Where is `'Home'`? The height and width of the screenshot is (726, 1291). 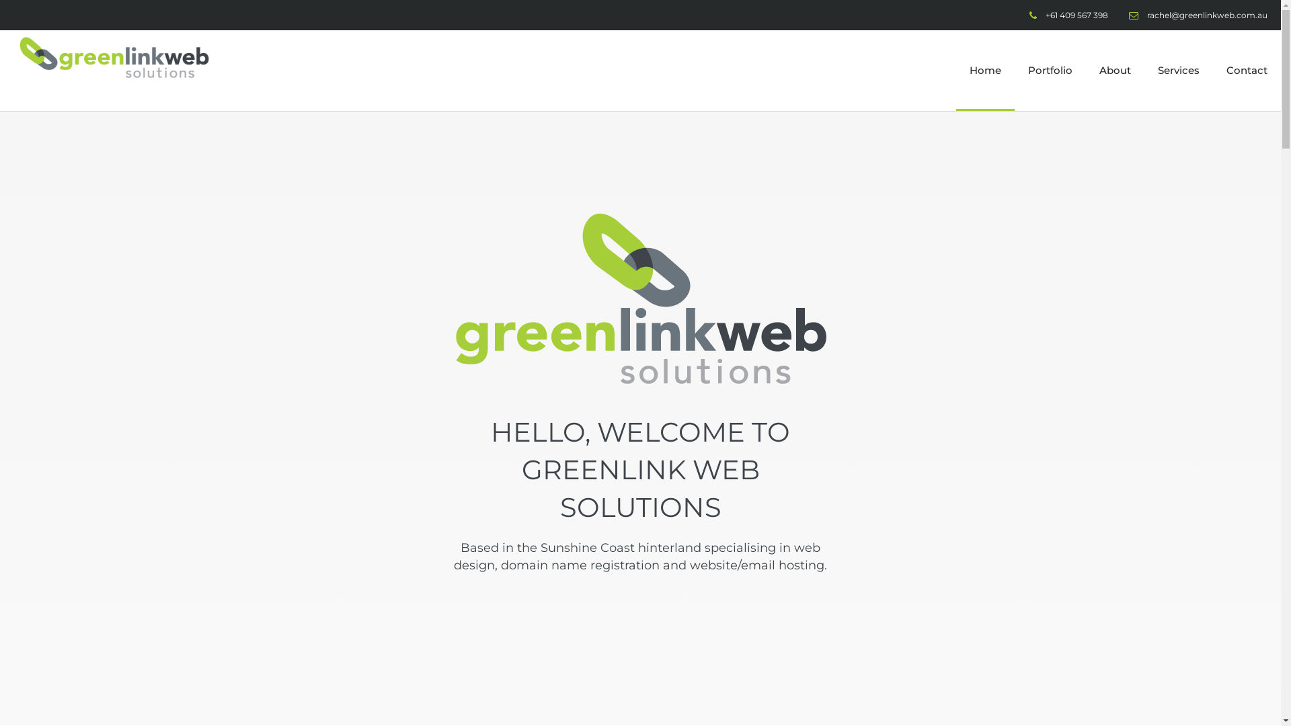
'Home' is located at coordinates (985, 70).